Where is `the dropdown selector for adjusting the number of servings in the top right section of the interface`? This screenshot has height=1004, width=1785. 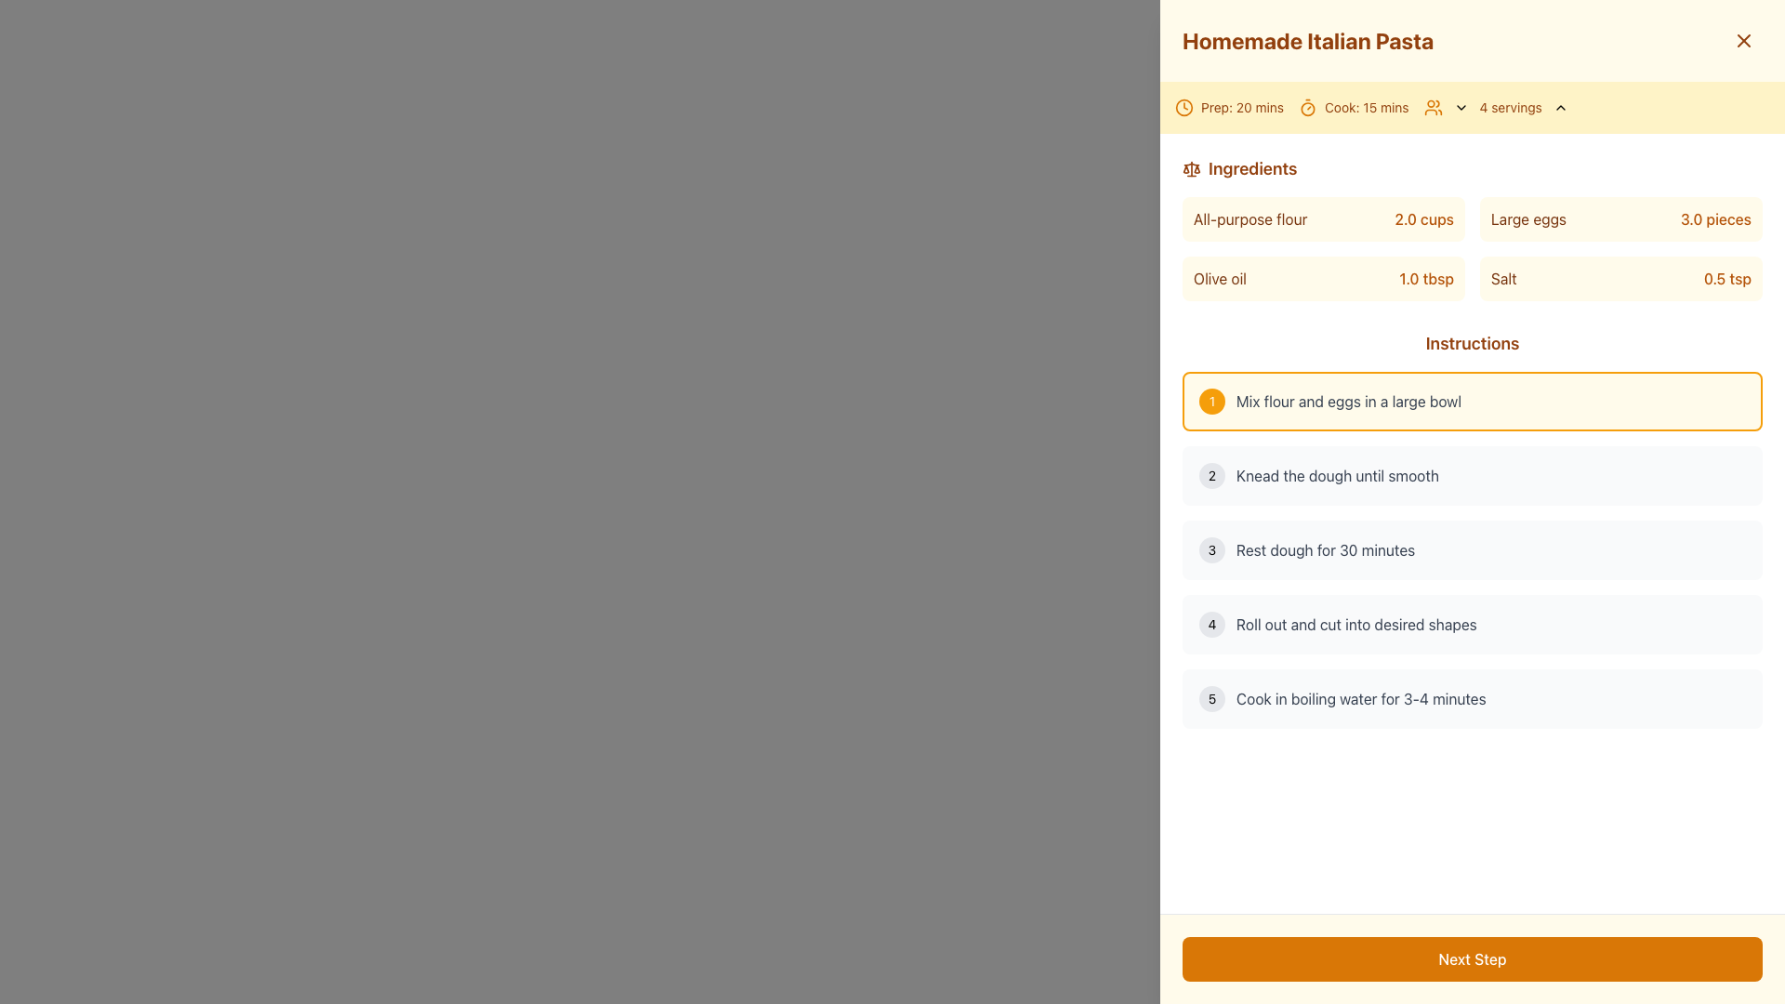 the dropdown selector for adjusting the number of servings in the top right section of the interface is located at coordinates (1511, 107).